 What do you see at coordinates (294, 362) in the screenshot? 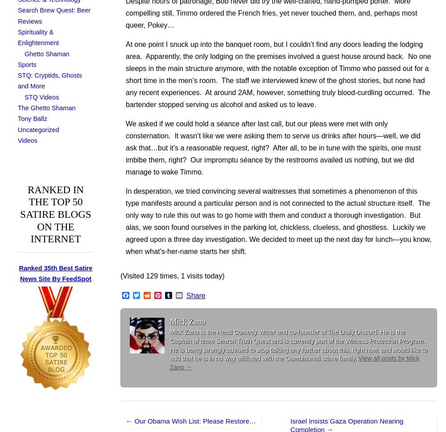
I see `'View all posts by Mick Zano'` at bounding box center [294, 362].